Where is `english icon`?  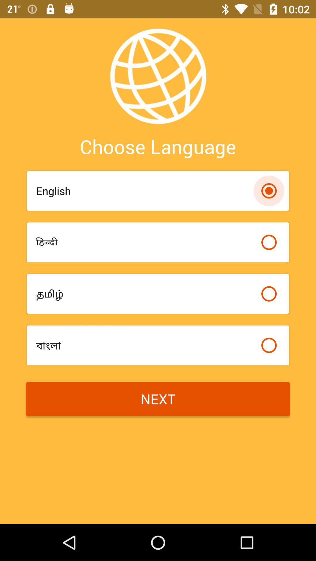 english icon is located at coordinates (145, 191).